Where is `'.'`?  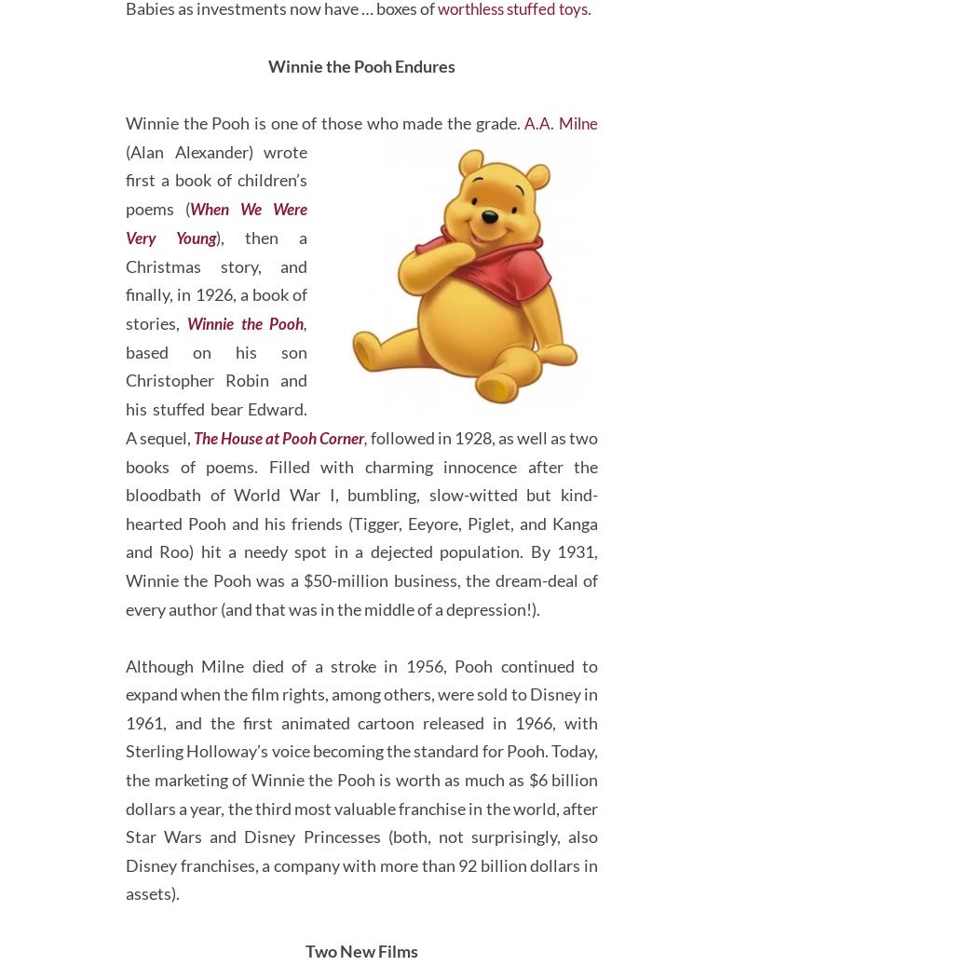
'.' is located at coordinates (159, 78).